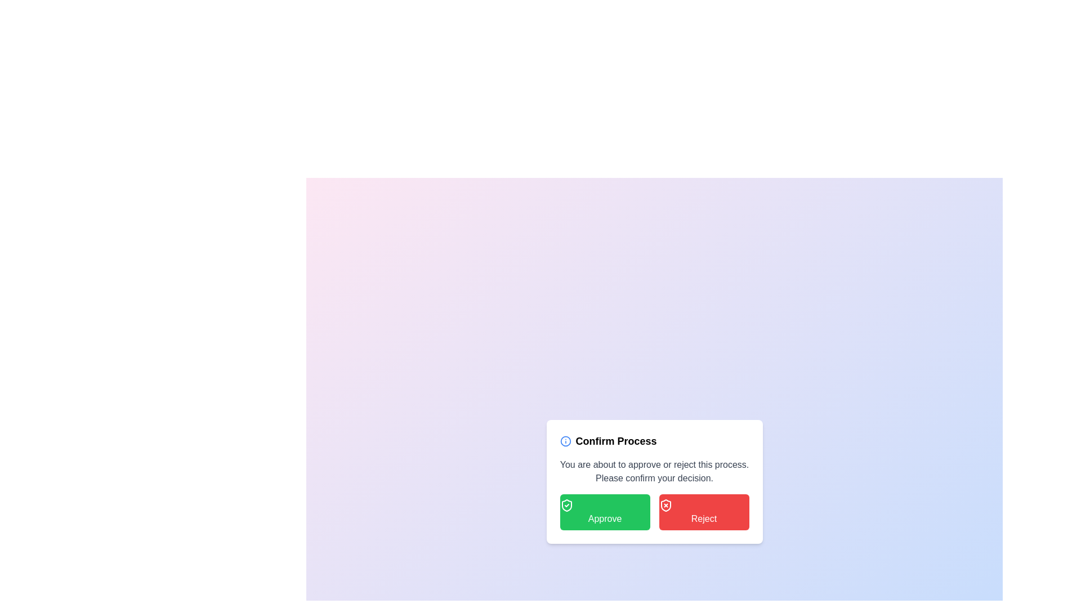  Describe the element at coordinates (665, 505) in the screenshot. I see `the shield icon with a checked overlay styled in red and featuring a white cross, located within the 'Reject' button` at that location.